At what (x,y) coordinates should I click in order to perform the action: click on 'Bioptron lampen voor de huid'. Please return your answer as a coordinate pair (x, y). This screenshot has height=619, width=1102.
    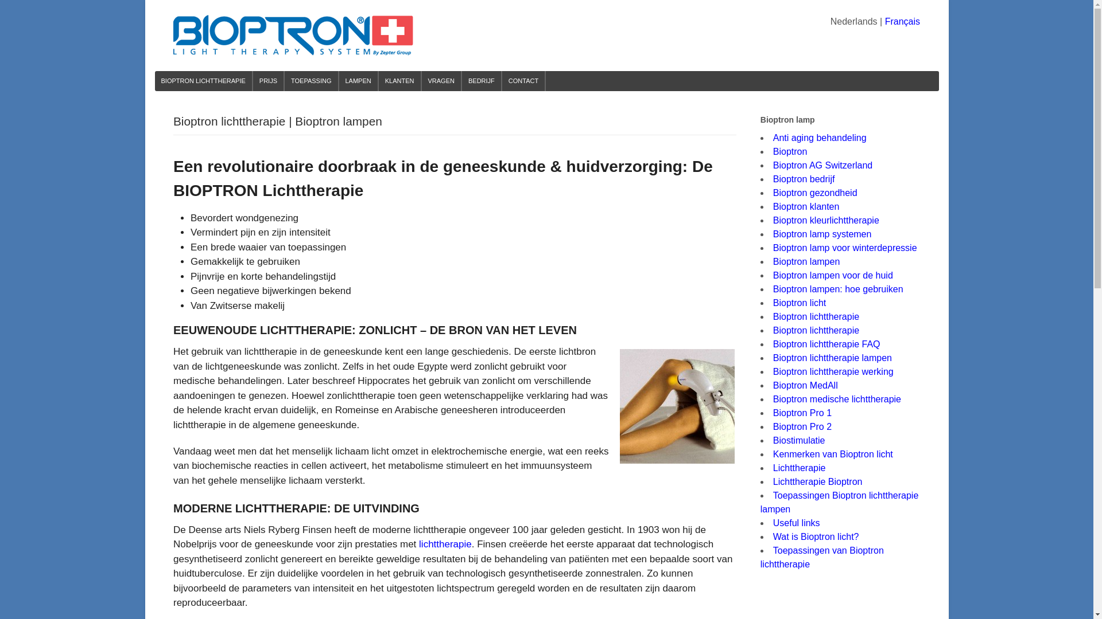
    Looking at the image, I should click on (833, 275).